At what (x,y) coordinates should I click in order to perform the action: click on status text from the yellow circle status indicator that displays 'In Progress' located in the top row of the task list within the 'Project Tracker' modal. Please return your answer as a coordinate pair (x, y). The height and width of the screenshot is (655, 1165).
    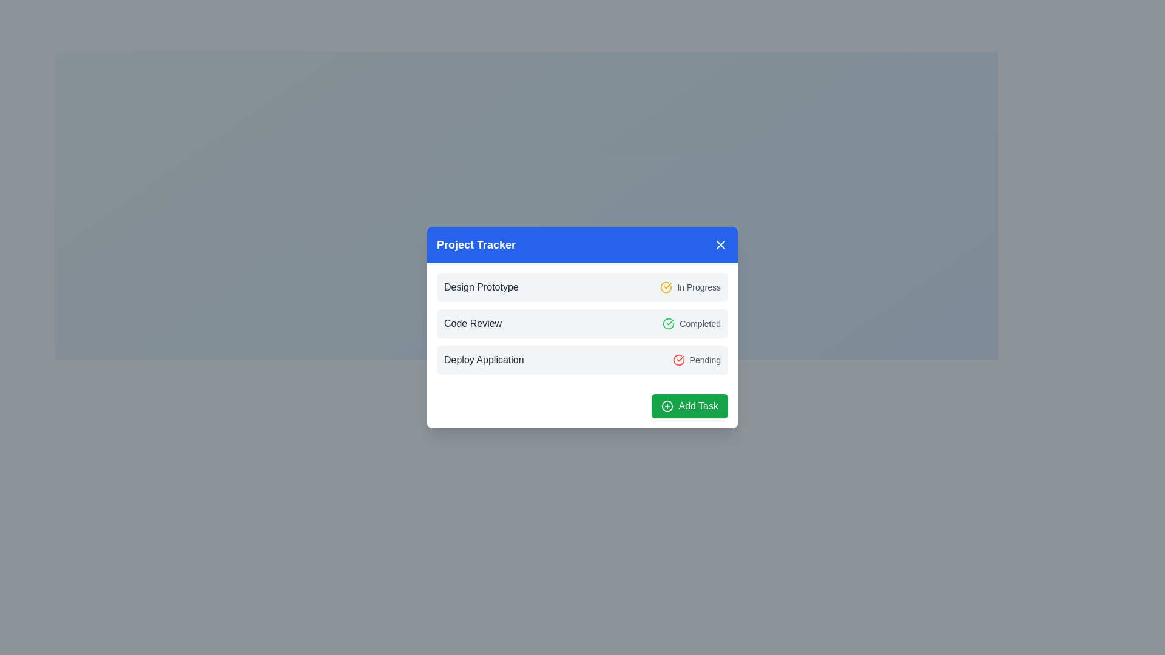
    Looking at the image, I should click on (691, 287).